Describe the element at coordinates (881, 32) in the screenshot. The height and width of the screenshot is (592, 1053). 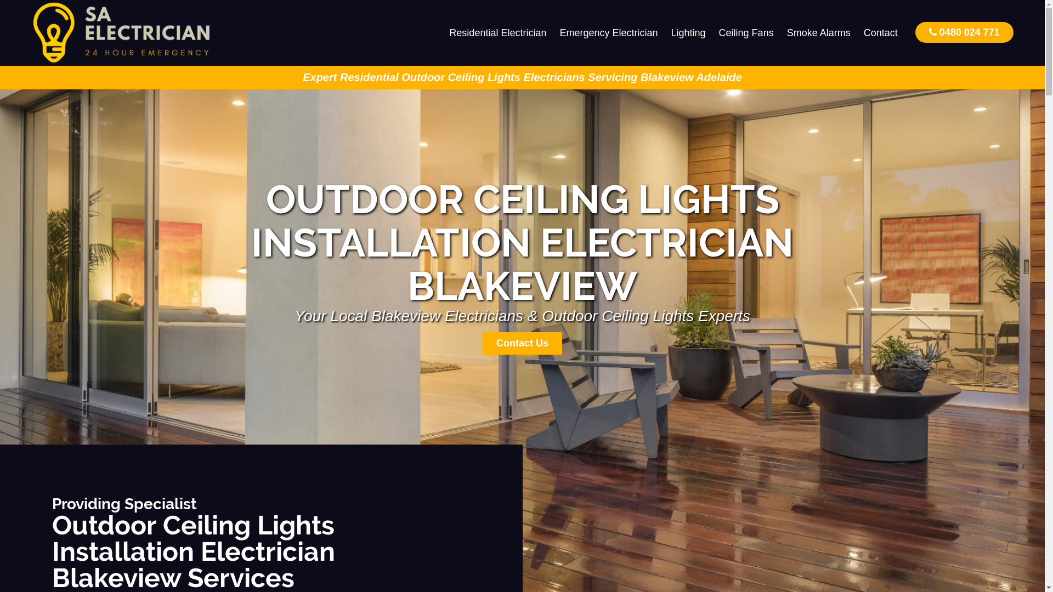
I see `'Contact'` at that location.